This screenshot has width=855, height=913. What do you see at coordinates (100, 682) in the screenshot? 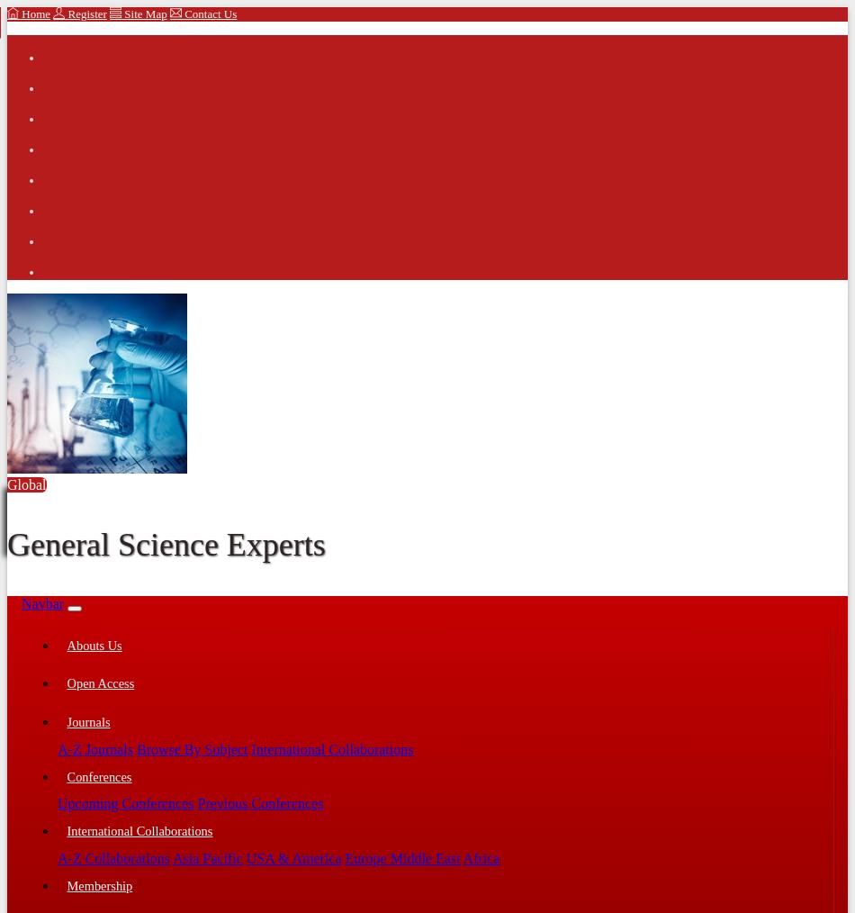
I see `'Open Access'` at bounding box center [100, 682].